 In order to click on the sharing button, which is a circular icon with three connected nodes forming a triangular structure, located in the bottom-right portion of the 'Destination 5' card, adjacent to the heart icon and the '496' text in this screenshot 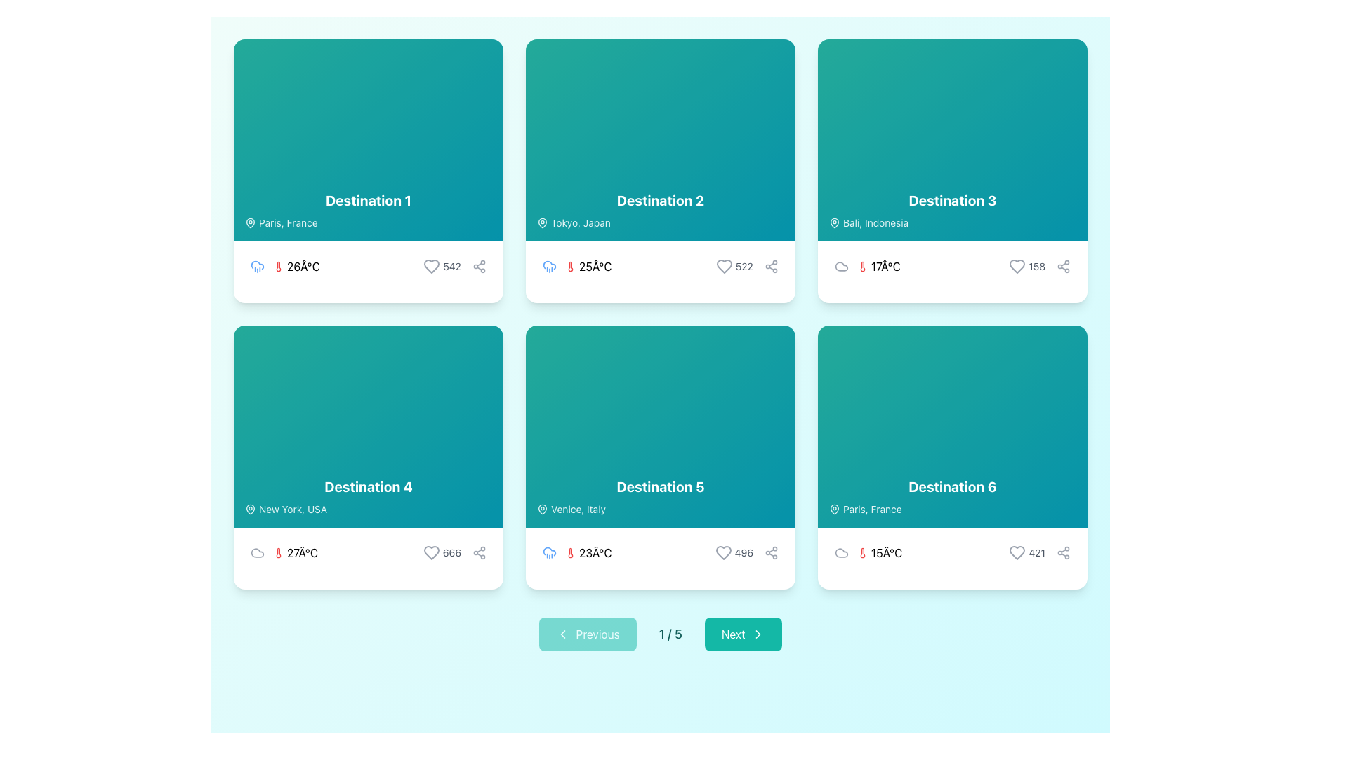, I will do `click(771, 552)`.